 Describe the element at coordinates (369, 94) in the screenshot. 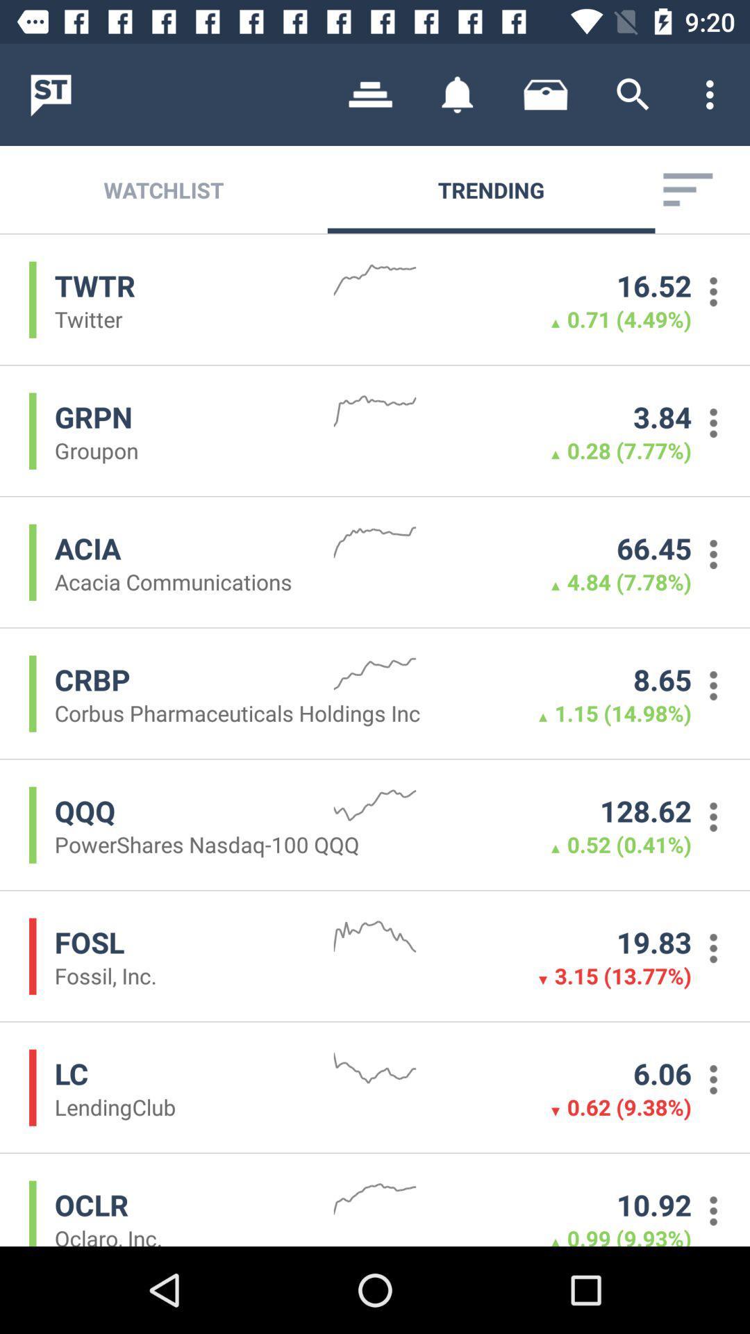

I see `the icon to the right of the watchlist item` at that location.